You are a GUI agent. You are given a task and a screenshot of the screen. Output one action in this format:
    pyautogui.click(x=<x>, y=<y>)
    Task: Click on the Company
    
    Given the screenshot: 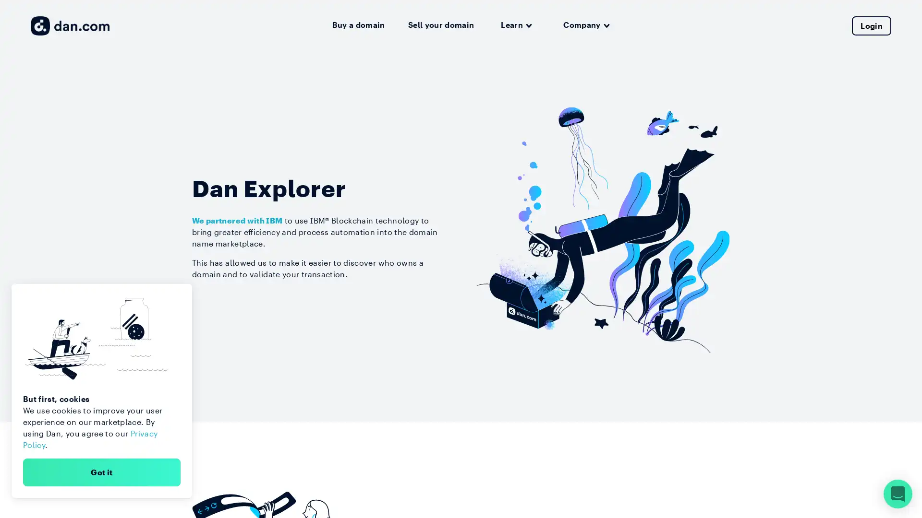 What is the action you would take?
    pyautogui.click(x=586, y=25)
    